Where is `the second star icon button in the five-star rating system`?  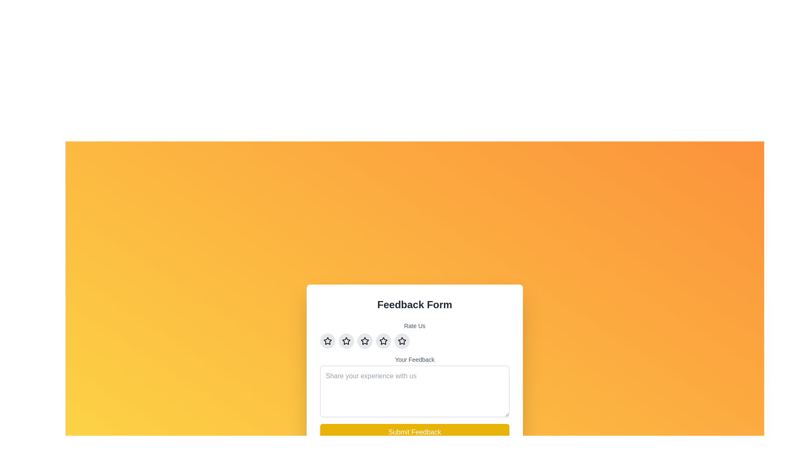 the second star icon button in the five-star rating system is located at coordinates (346, 340).